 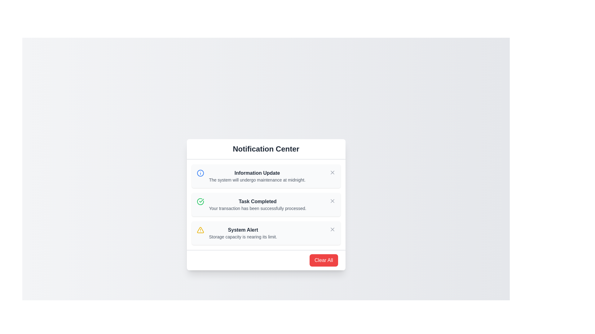 I want to click on individual notifications within the vertically organized list of notification items in the 'Notification Center' modal, so click(x=266, y=205).